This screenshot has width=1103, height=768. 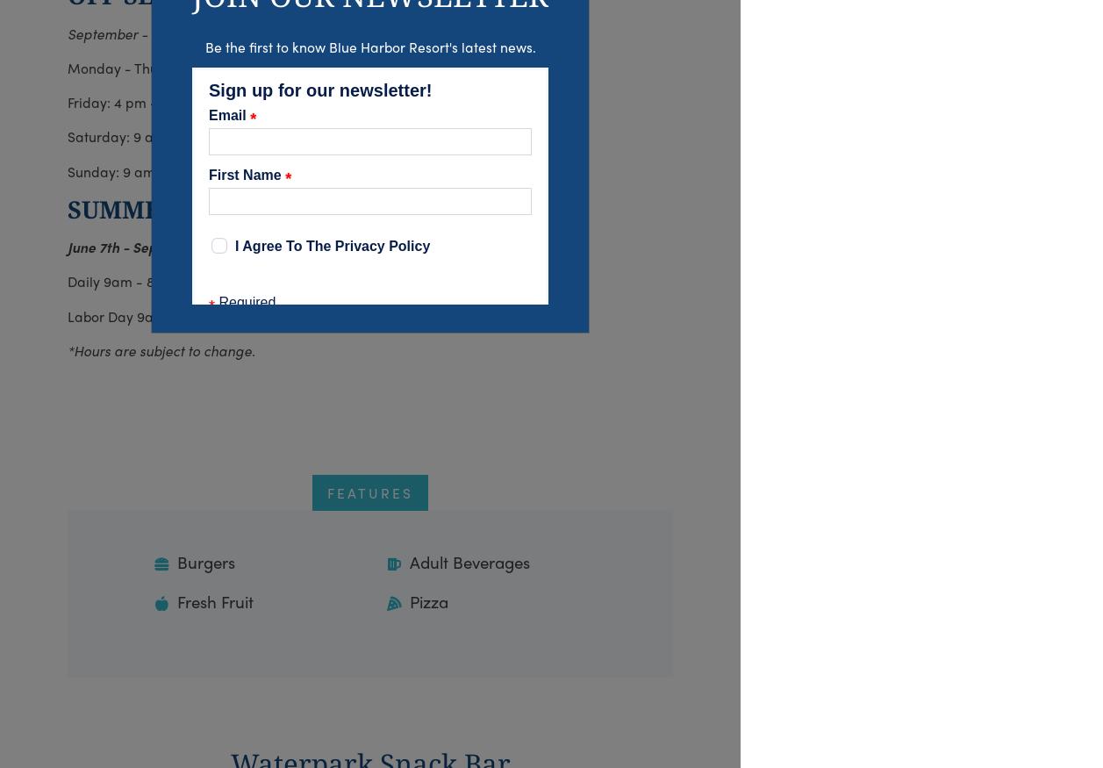 What do you see at coordinates (213, 600) in the screenshot?
I see `'Fresh Fruit'` at bounding box center [213, 600].